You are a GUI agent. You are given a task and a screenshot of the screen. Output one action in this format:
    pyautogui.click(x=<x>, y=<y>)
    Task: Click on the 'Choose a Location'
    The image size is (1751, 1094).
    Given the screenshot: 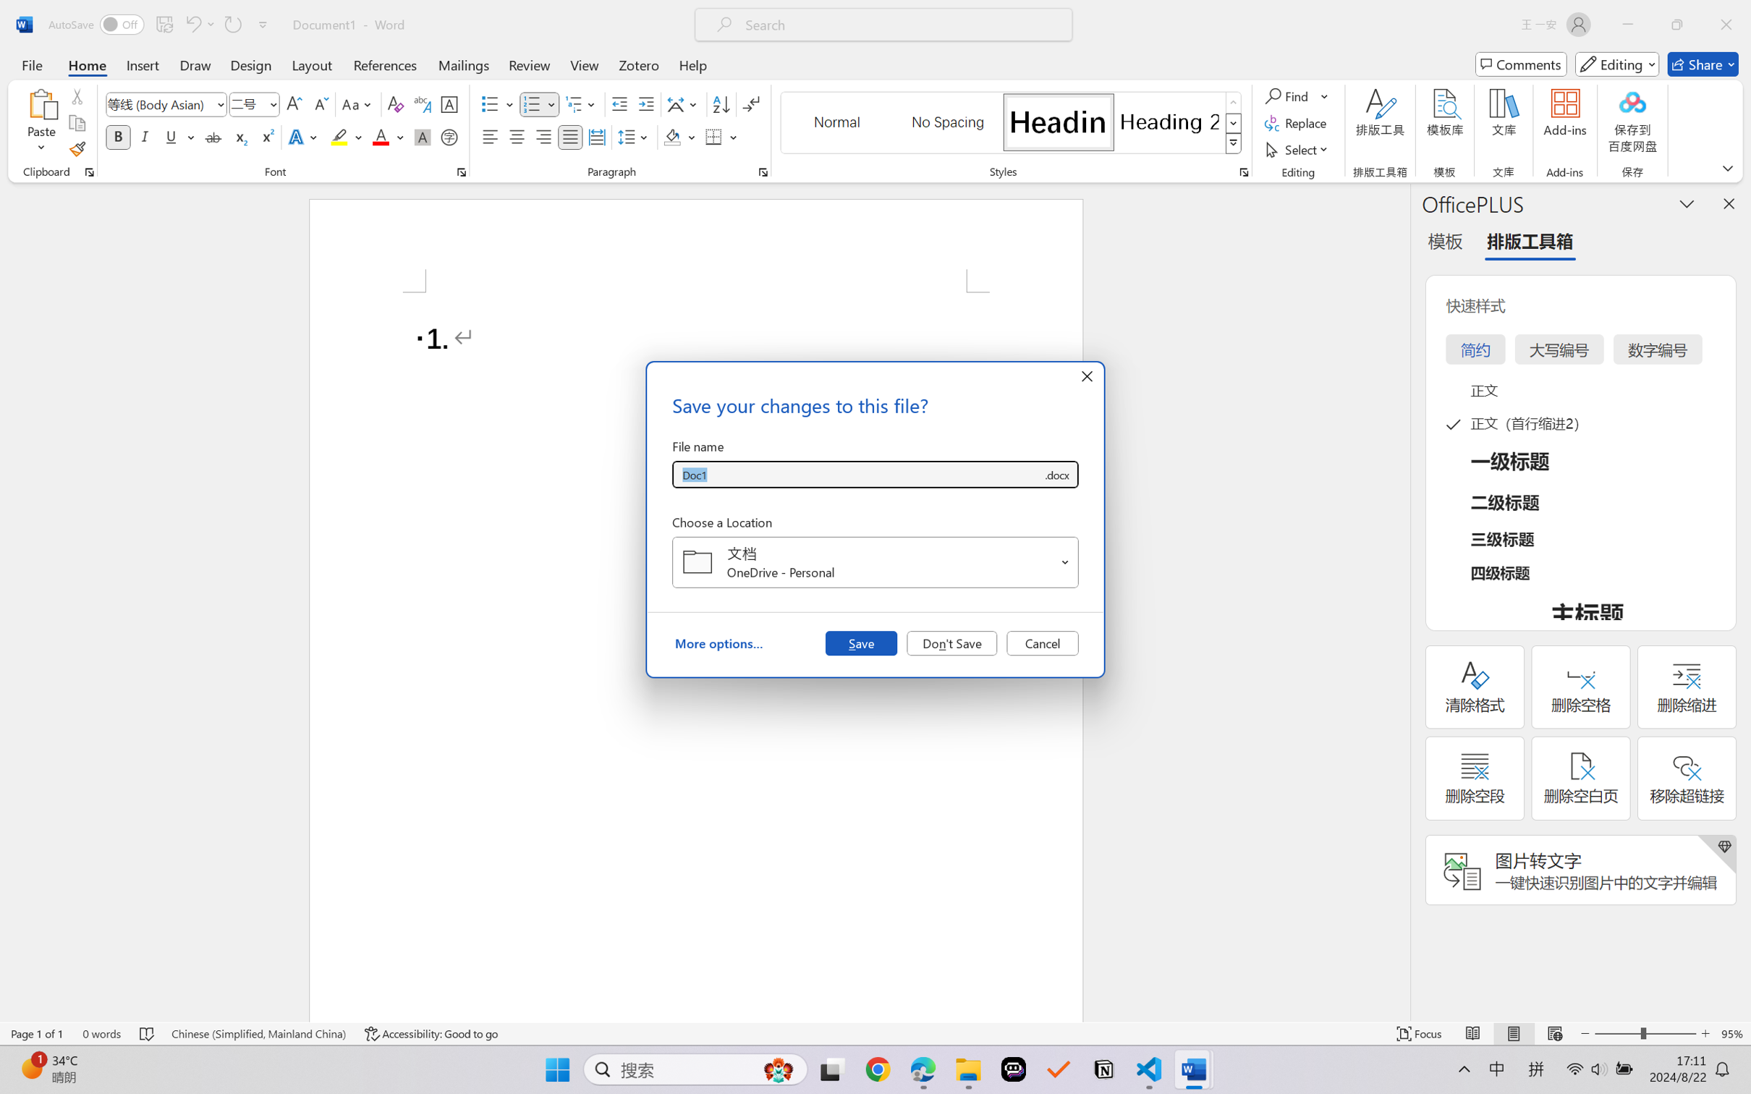 What is the action you would take?
    pyautogui.click(x=875, y=562)
    